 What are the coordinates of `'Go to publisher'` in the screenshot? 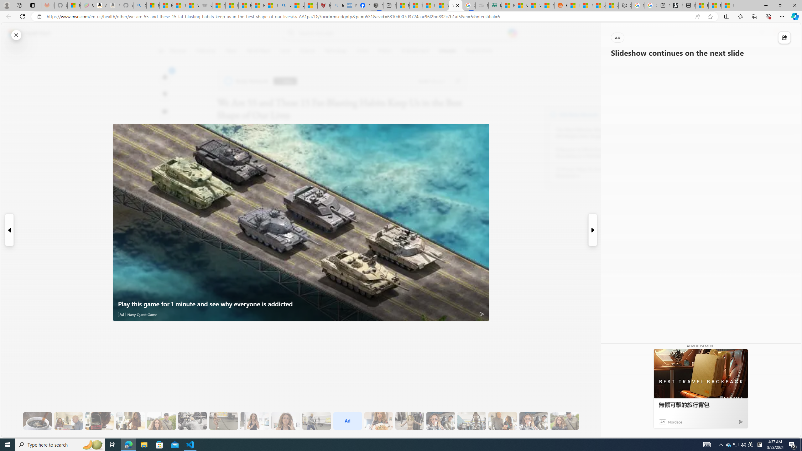 It's located at (457, 81).